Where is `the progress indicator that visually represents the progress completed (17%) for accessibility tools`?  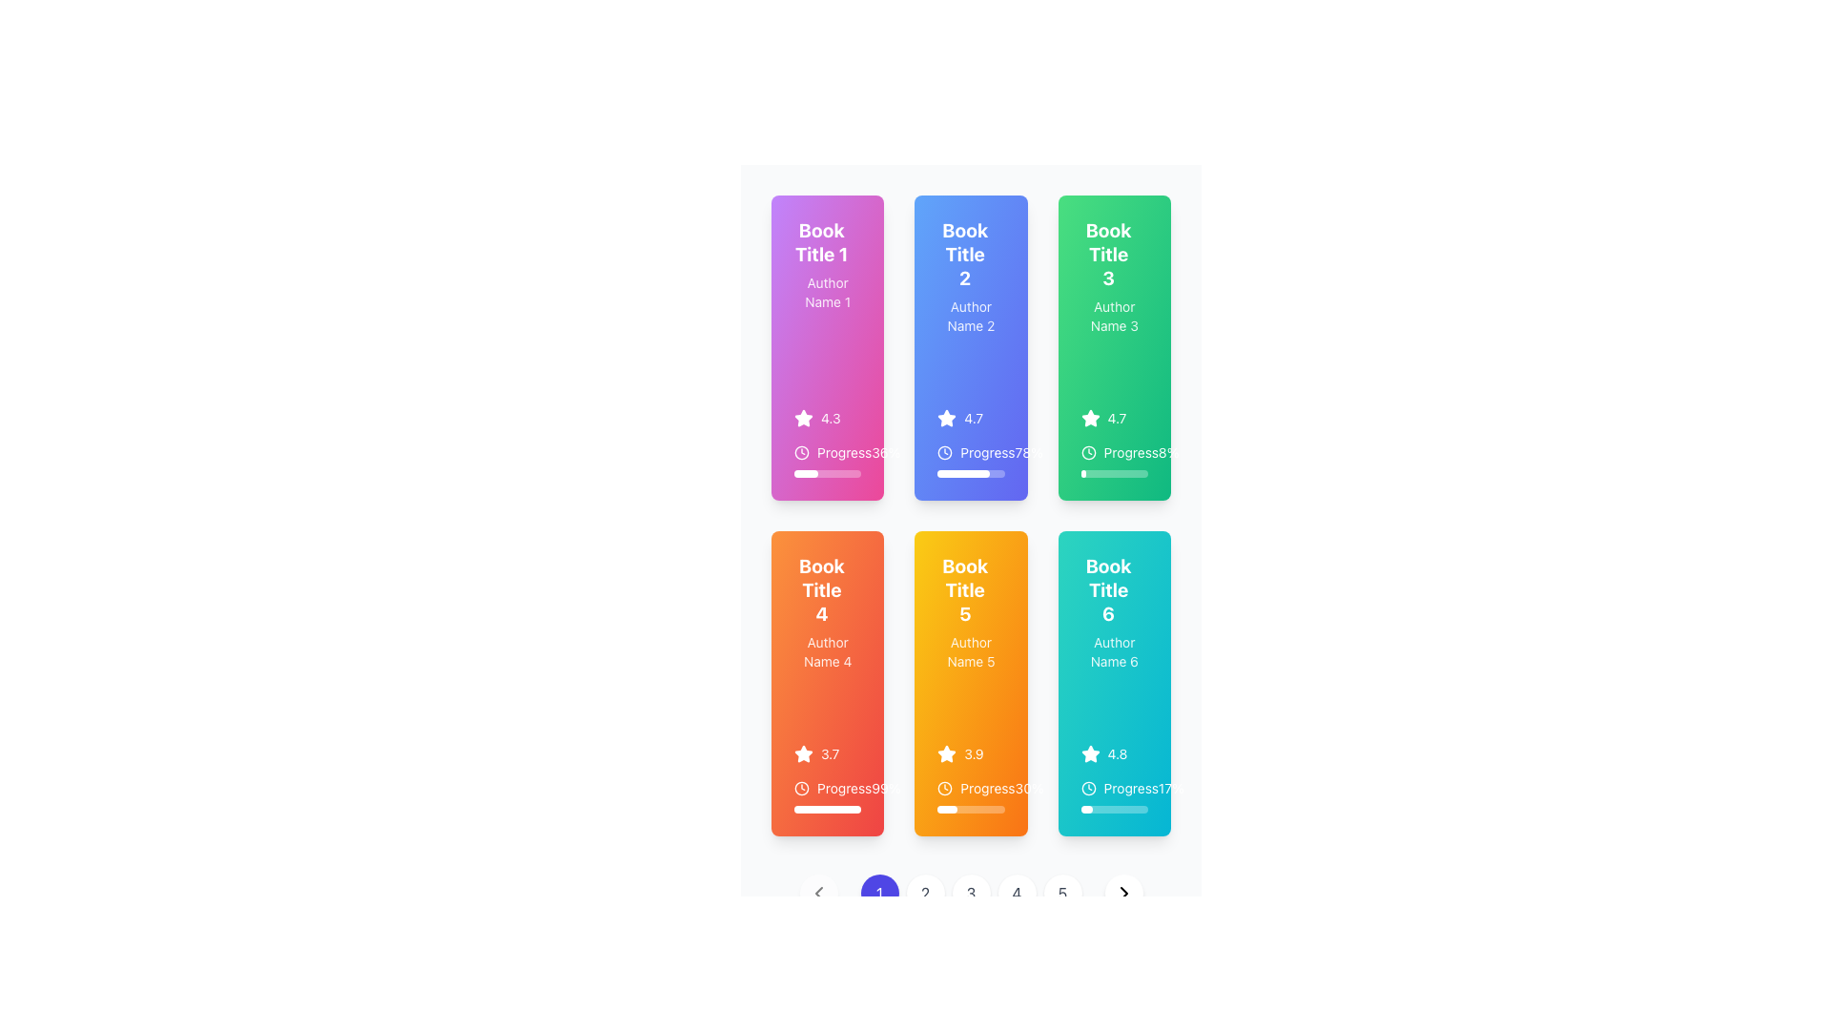 the progress indicator that visually represents the progress completed (17%) for accessibility tools is located at coordinates (1114, 795).